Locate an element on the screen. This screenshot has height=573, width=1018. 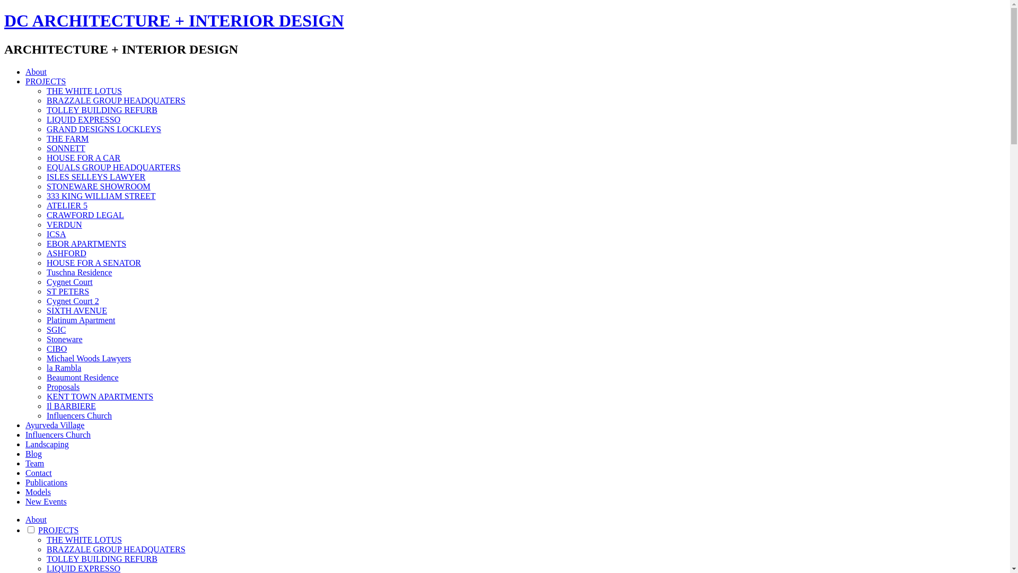
'Contact' is located at coordinates (38, 472).